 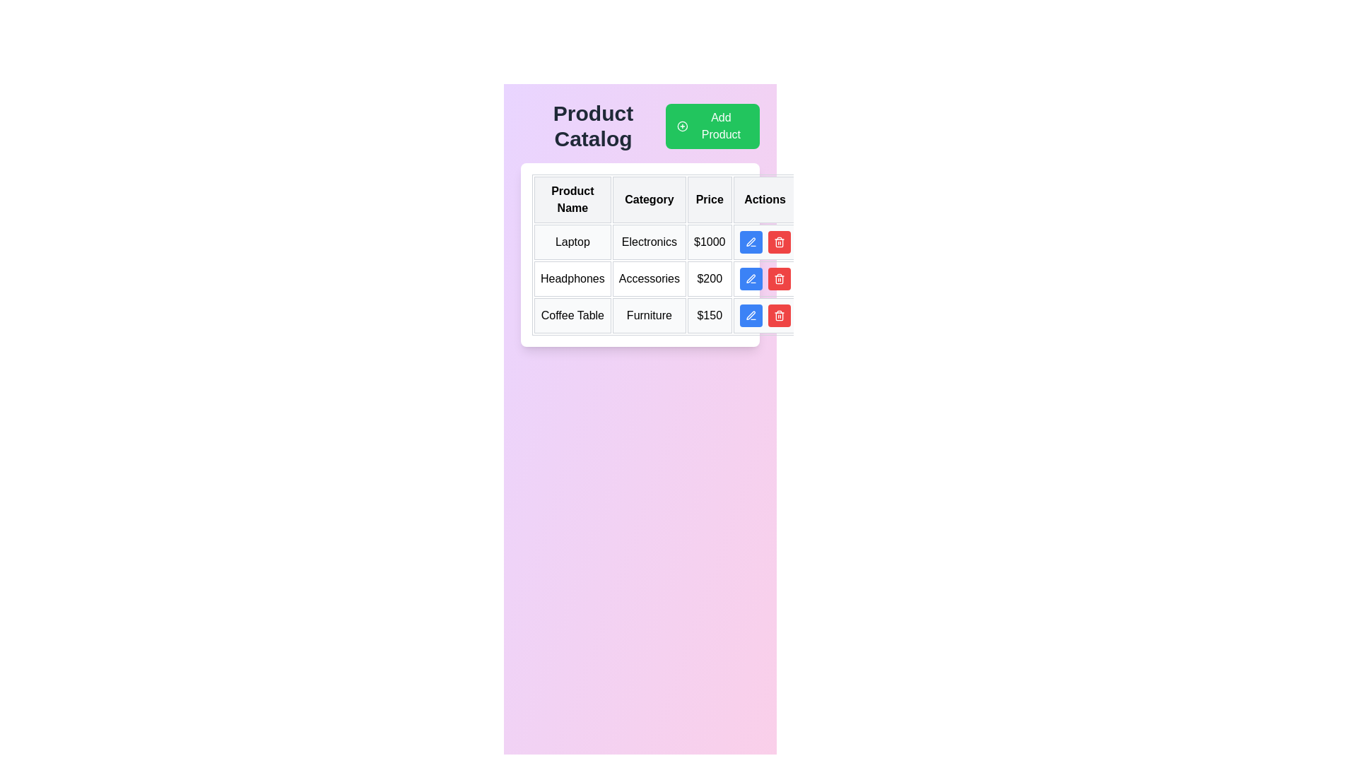 What do you see at coordinates (778, 242) in the screenshot?
I see `the delete button in the third position of the 'Actions' column associated with the 'Coffee Table' row` at bounding box center [778, 242].